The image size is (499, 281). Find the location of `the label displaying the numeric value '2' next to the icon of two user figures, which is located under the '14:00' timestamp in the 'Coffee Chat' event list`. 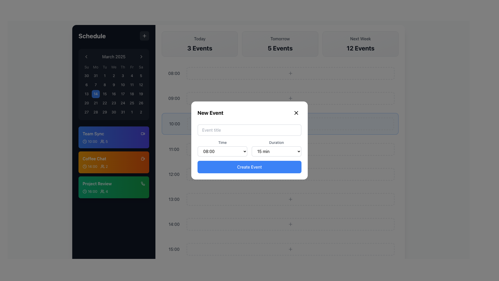

the label displaying the numeric value '2' next to the icon of two user figures, which is located under the '14:00' timestamp in the 'Coffee Chat' event list is located at coordinates (104, 167).